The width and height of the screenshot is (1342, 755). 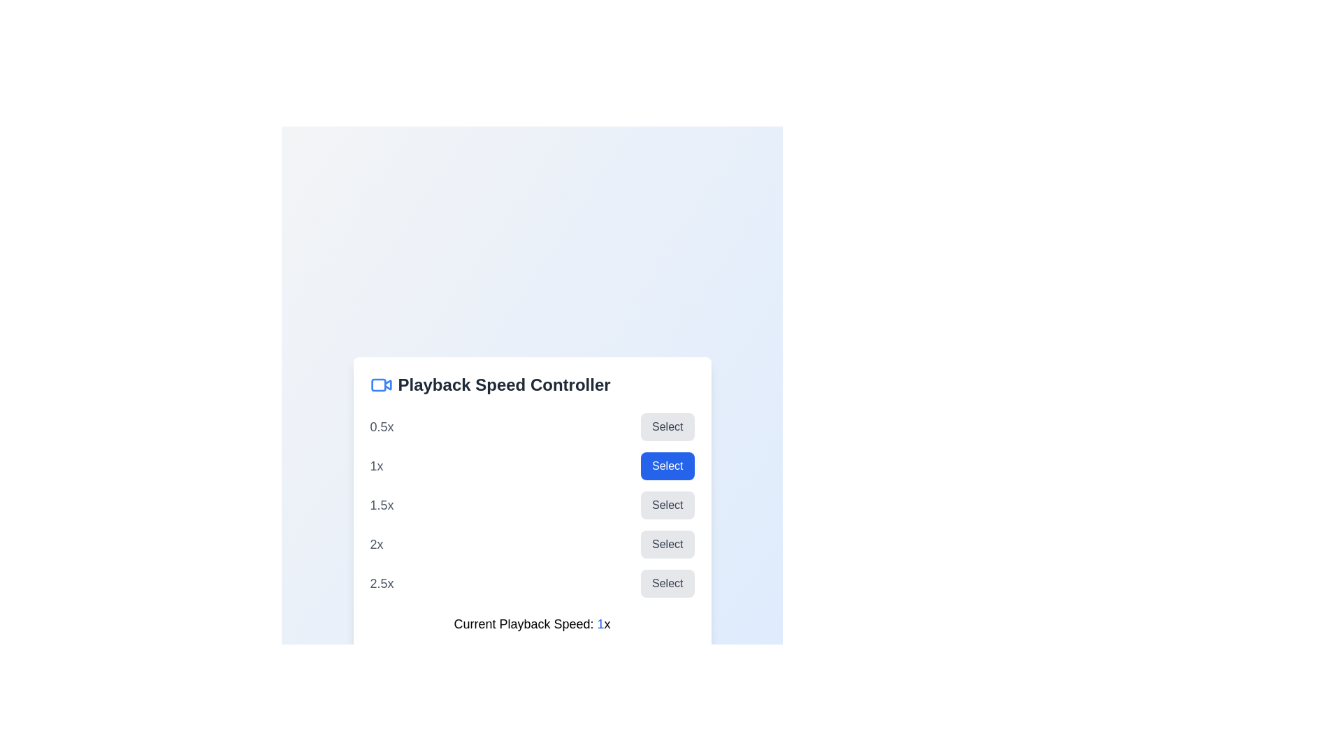 I want to click on the '1x Select' button in the button-row combination that allows users, so click(x=531, y=466).